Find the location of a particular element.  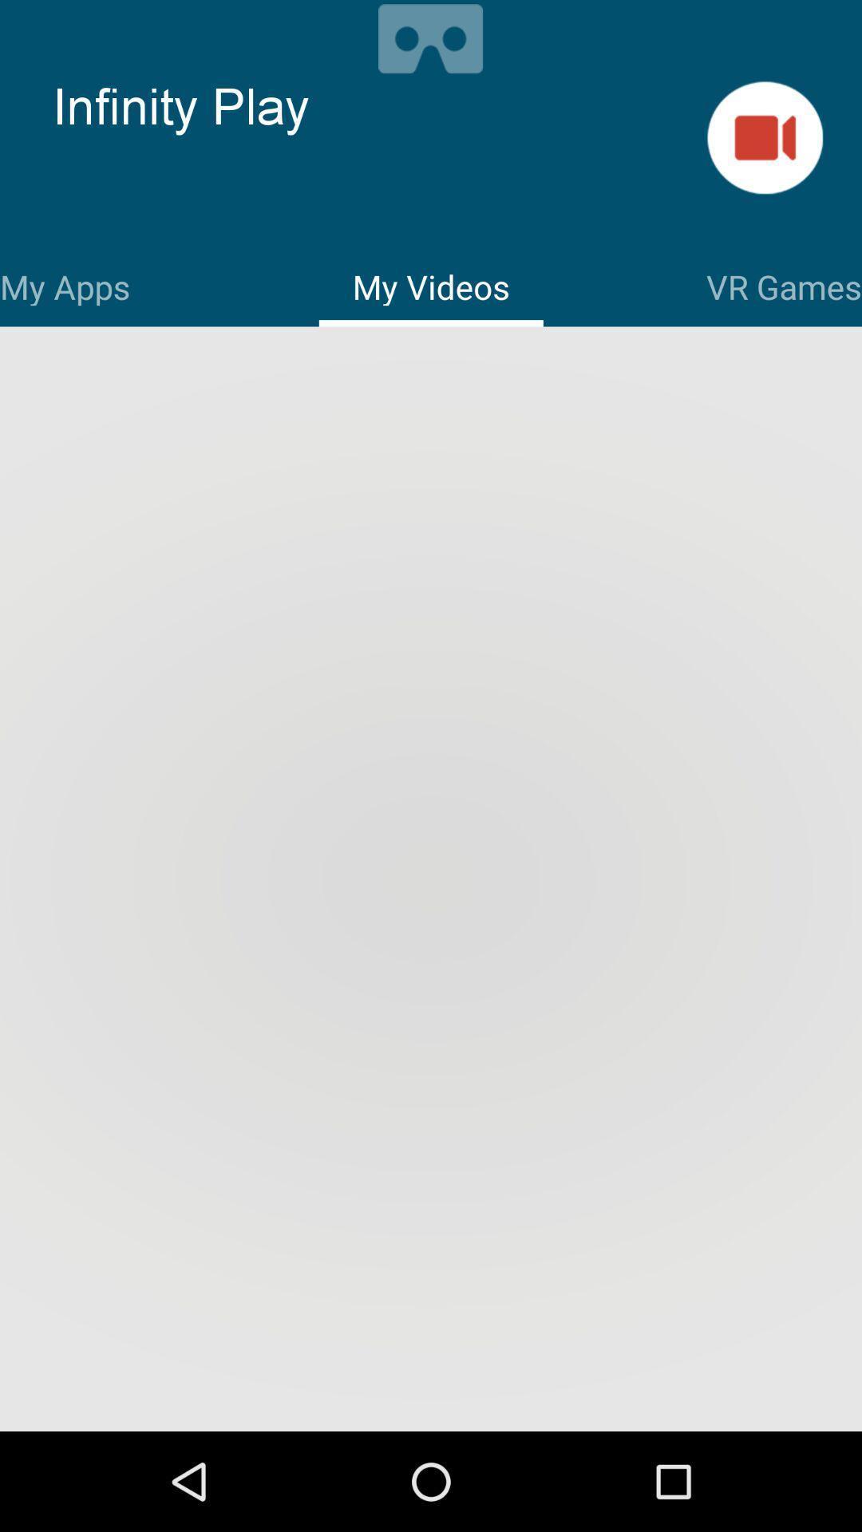

the item next to my videos icon is located at coordinates (783, 284).